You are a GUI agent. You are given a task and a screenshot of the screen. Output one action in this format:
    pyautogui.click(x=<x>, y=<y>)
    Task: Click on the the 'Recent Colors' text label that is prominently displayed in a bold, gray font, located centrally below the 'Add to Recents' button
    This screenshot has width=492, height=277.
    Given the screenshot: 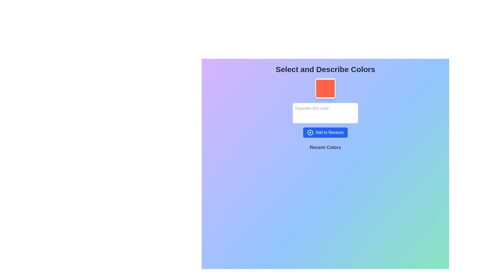 What is the action you would take?
    pyautogui.click(x=325, y=147)
    